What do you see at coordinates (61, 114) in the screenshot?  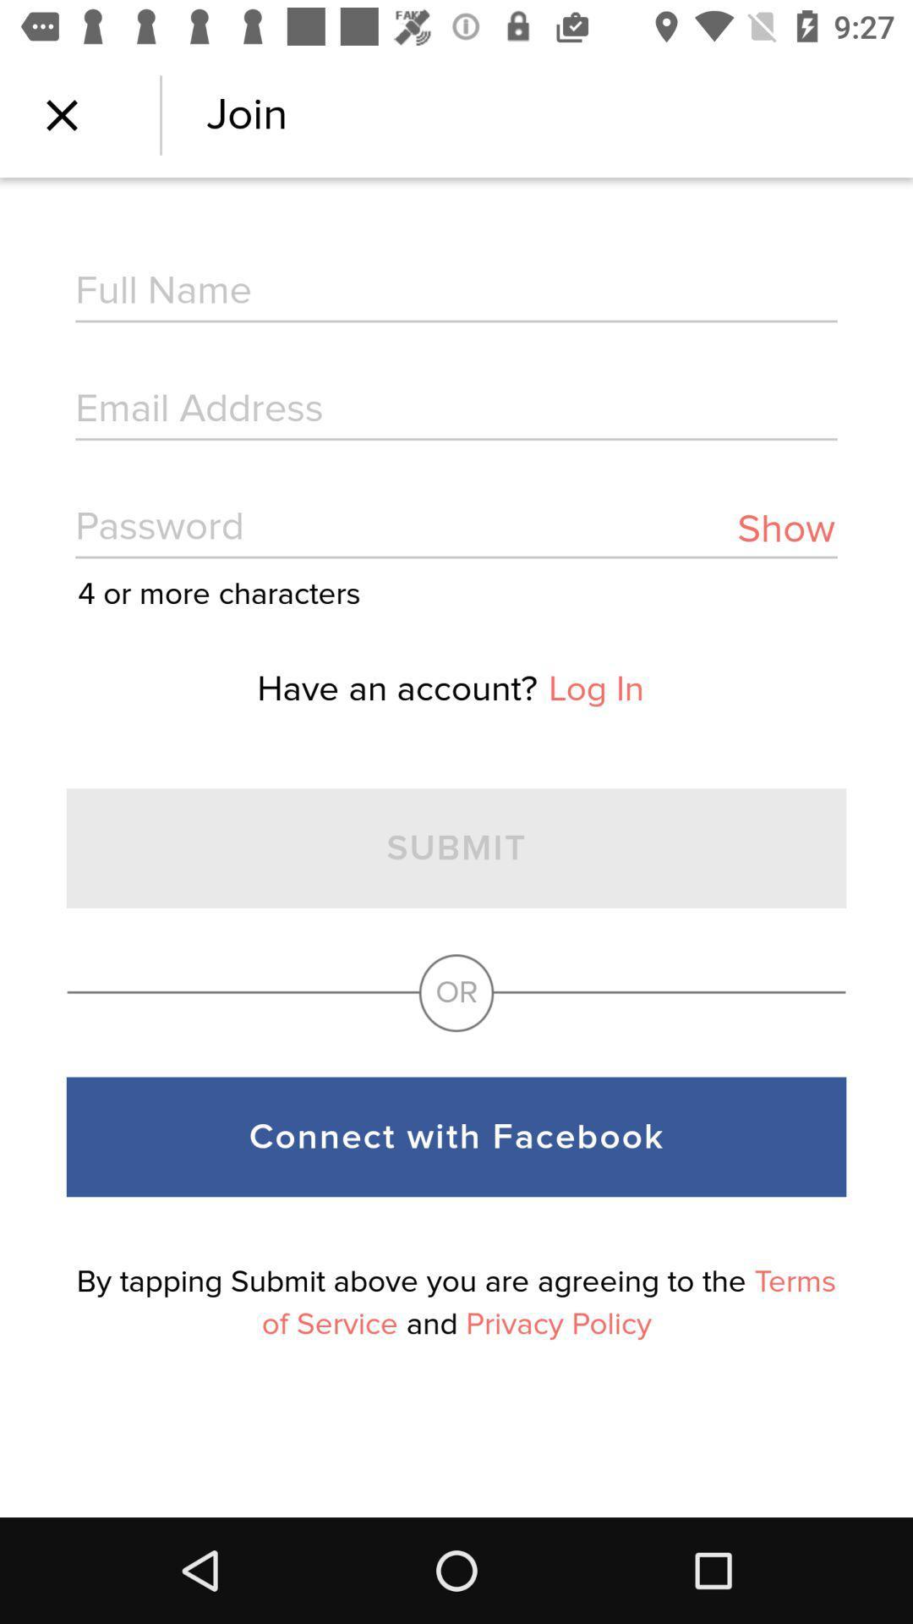 I see `the page` at bounding box center [61, 114].